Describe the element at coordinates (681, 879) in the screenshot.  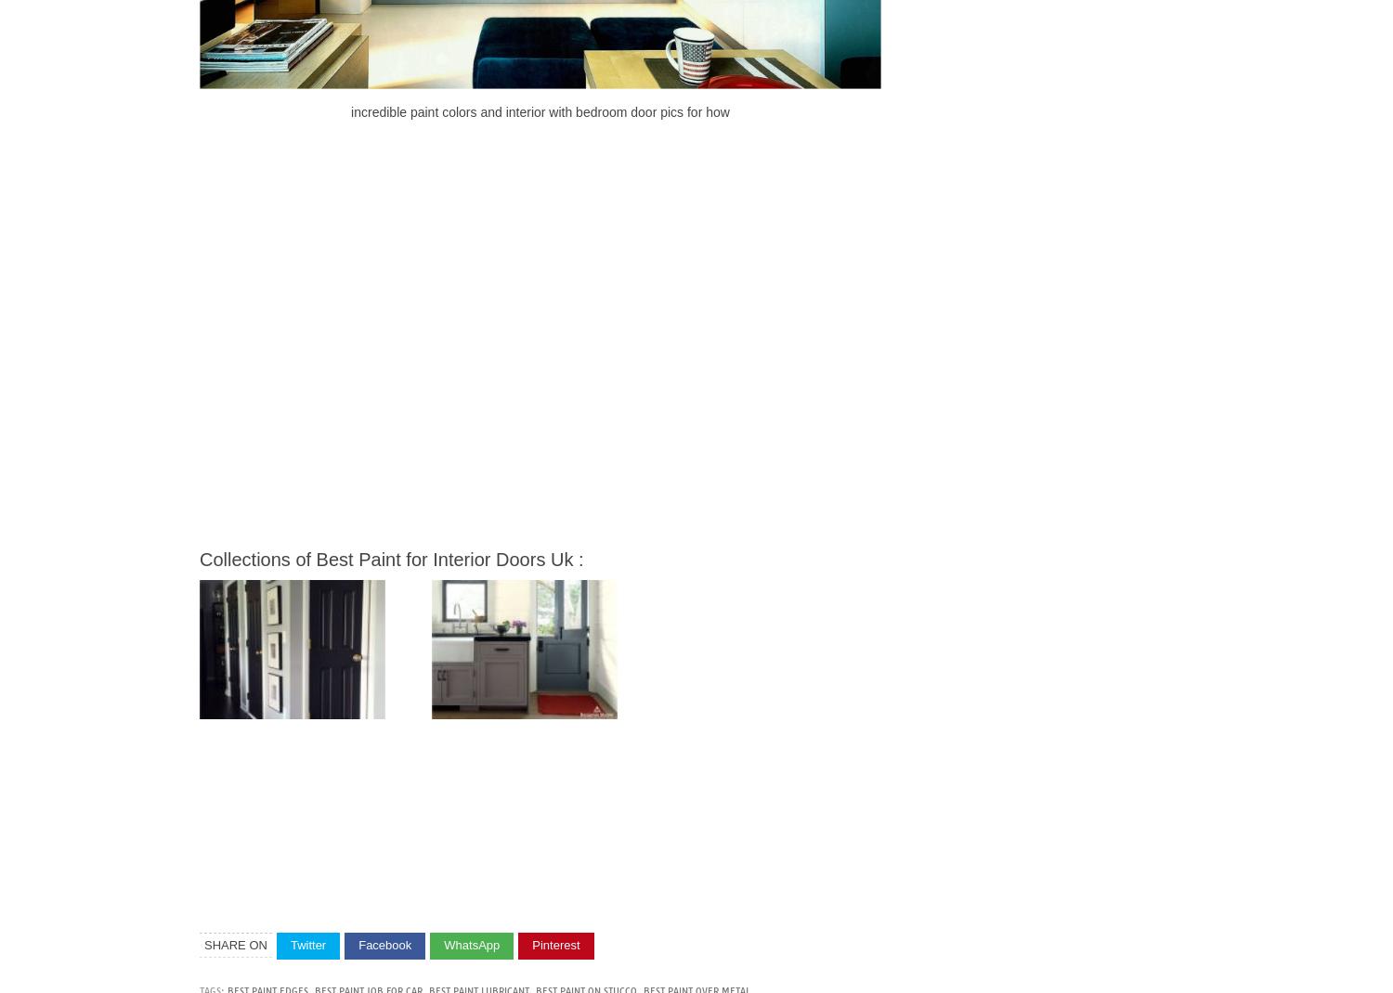
I see `'Best Paint for Interior Doors Uk Incredible Paint Colors and Interior with Bedroom Door Pics for How'` at that location.